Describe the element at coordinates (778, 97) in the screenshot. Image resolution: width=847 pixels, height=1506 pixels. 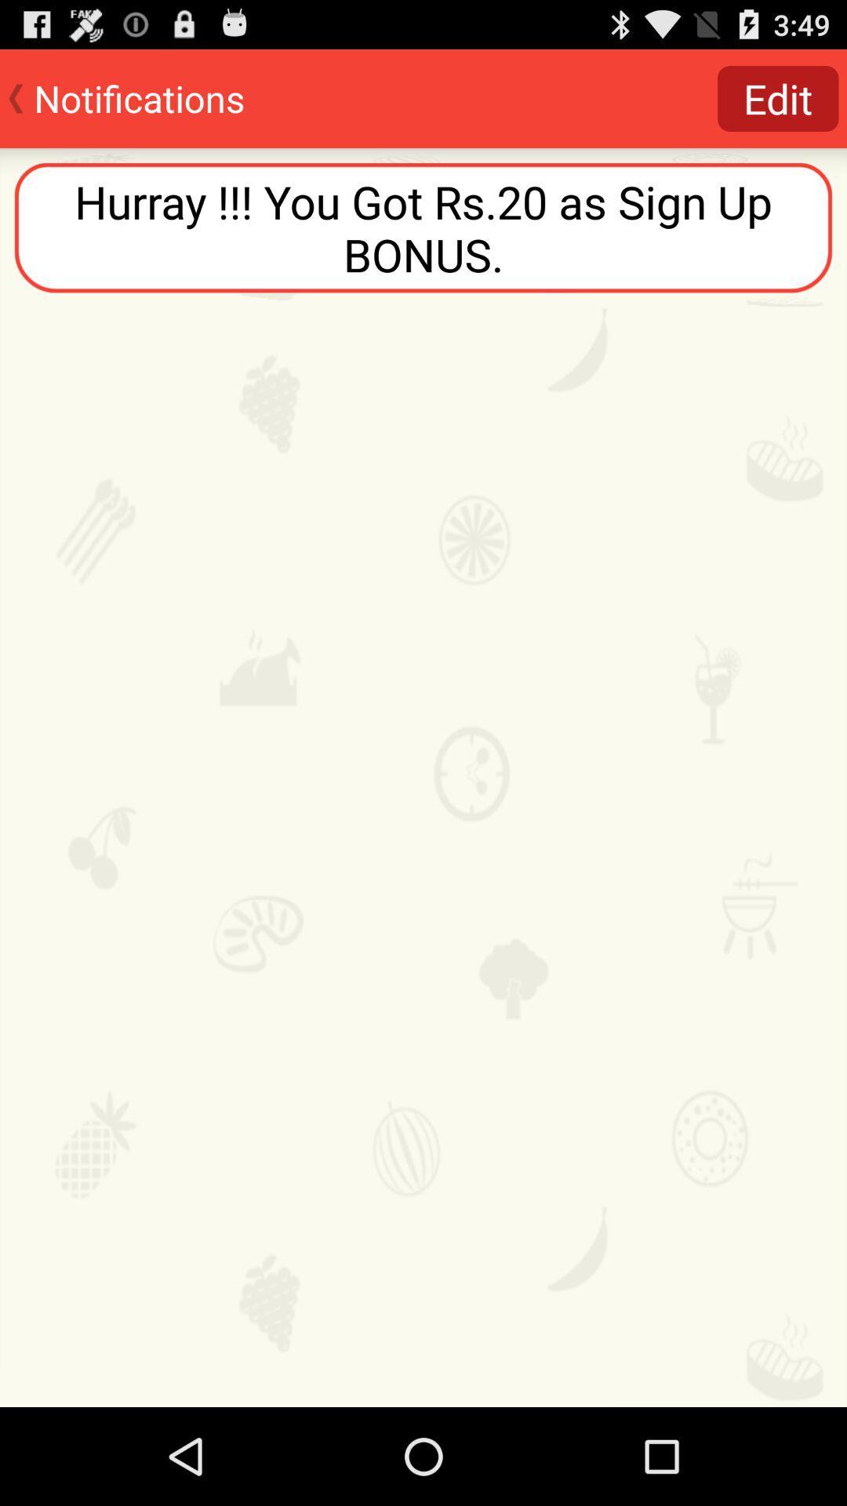
I see `the icon at the top right corner` at that location.